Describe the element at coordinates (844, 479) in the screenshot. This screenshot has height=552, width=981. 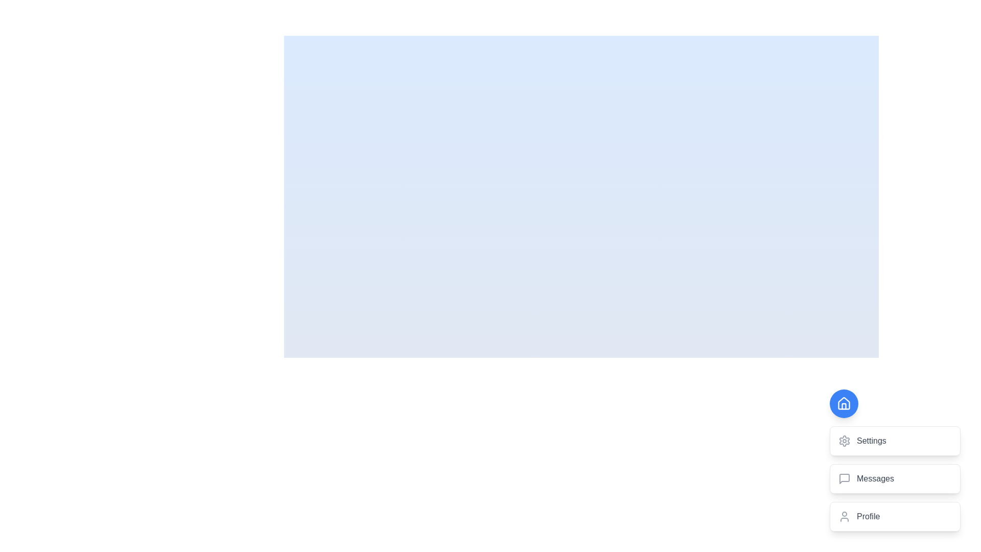
I see `the messaging icon located in the vertical navigation menu, which is the second icon below the settings icon and above the profile icon` at that location.